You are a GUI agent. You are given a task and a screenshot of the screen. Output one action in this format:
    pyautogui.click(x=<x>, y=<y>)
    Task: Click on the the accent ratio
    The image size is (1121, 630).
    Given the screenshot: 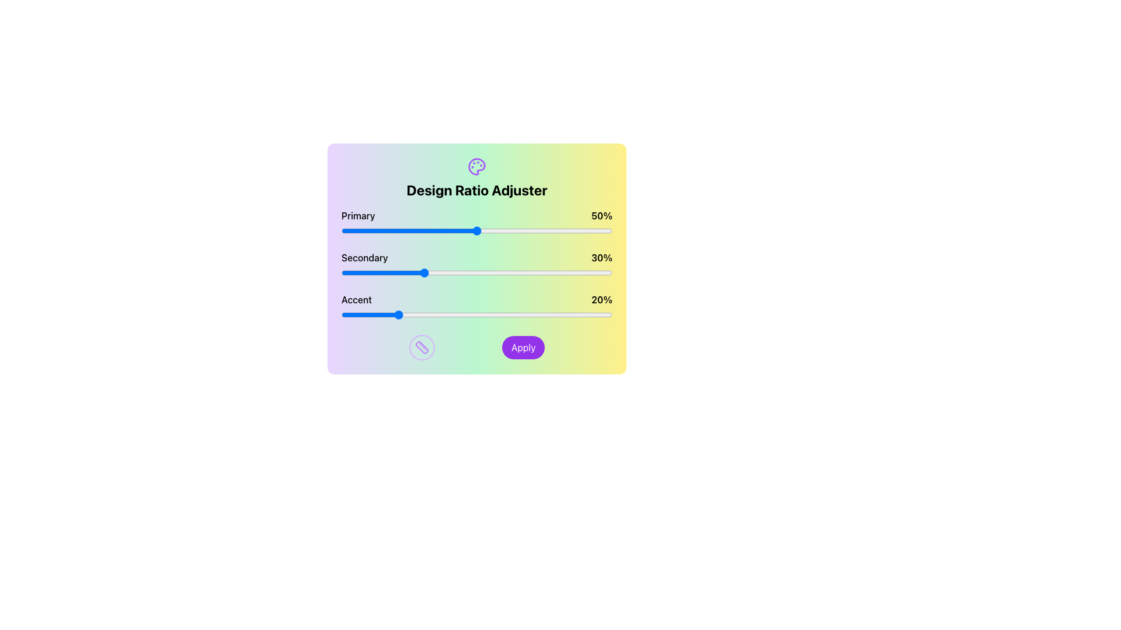 What is the action you would take?
    pyautogui.click(x=509, y=315)
    